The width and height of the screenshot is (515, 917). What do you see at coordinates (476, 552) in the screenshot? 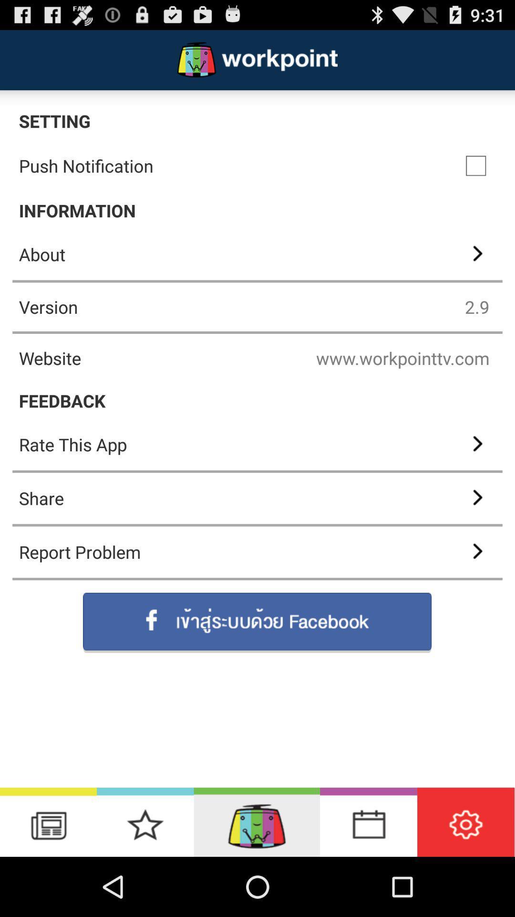
I see `the button next to report problem` at bounding box center [476, 552].